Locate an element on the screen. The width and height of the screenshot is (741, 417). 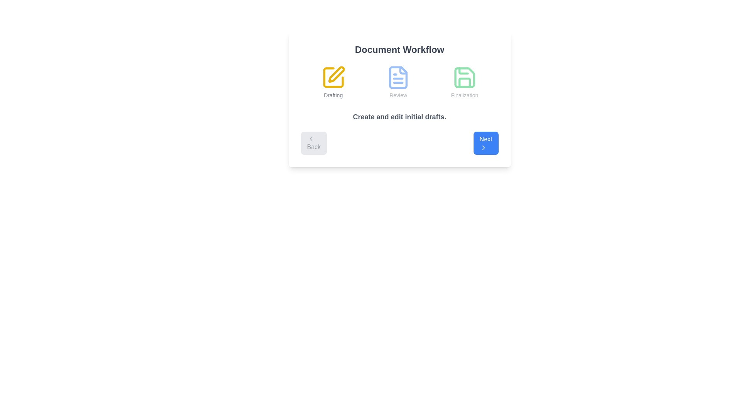
the Finalization step icon in the Document Workflow panel, which is centrally located in the Finalization section of the interface is located at coordinates (464, 77).